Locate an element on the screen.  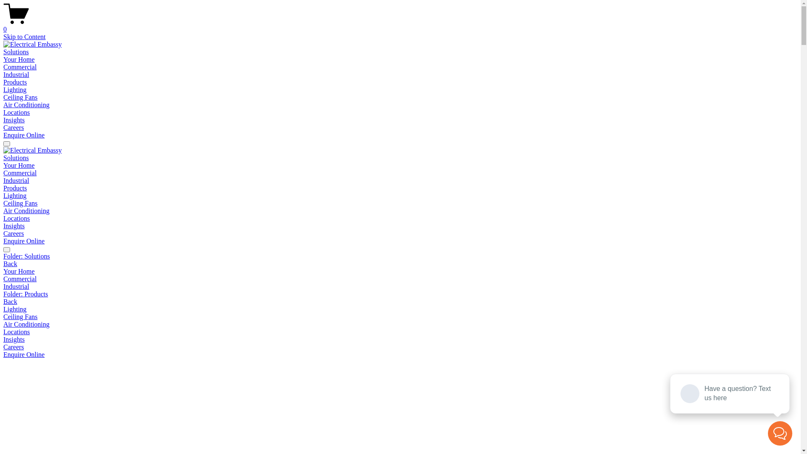
'Industrial' is located at coordinates (16, 74).